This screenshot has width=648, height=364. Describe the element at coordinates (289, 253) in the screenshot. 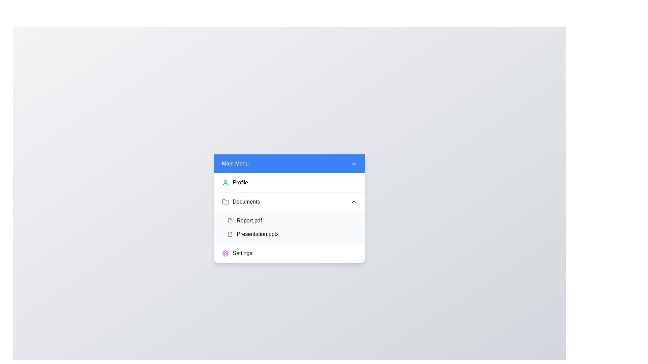

I see `the navigation button at the bottom of the menu that opens additional options for settings or configurations` at that location.